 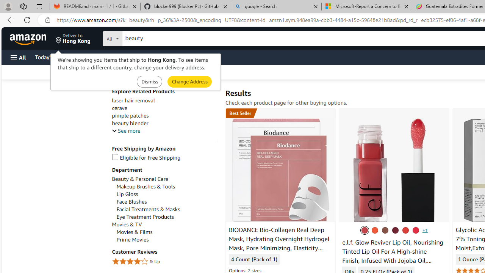 What do you see at coordinates (164, 224) in the screenshot?
I see `'Movies & TV'` at bounding box center [164, 224].